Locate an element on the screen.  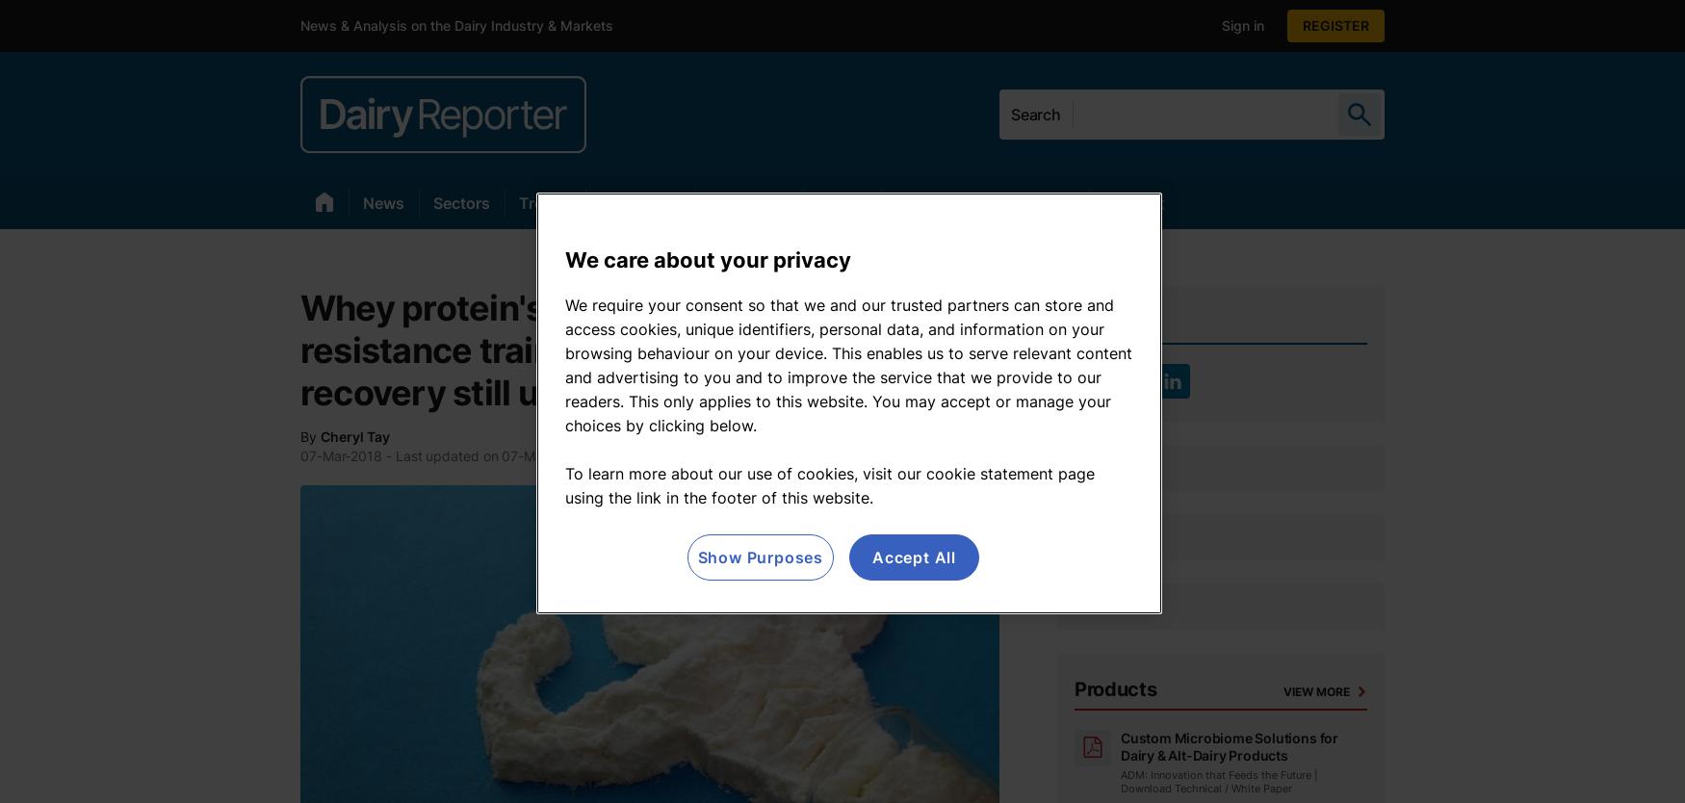
'My account' is located at coordinates (1365, 25).